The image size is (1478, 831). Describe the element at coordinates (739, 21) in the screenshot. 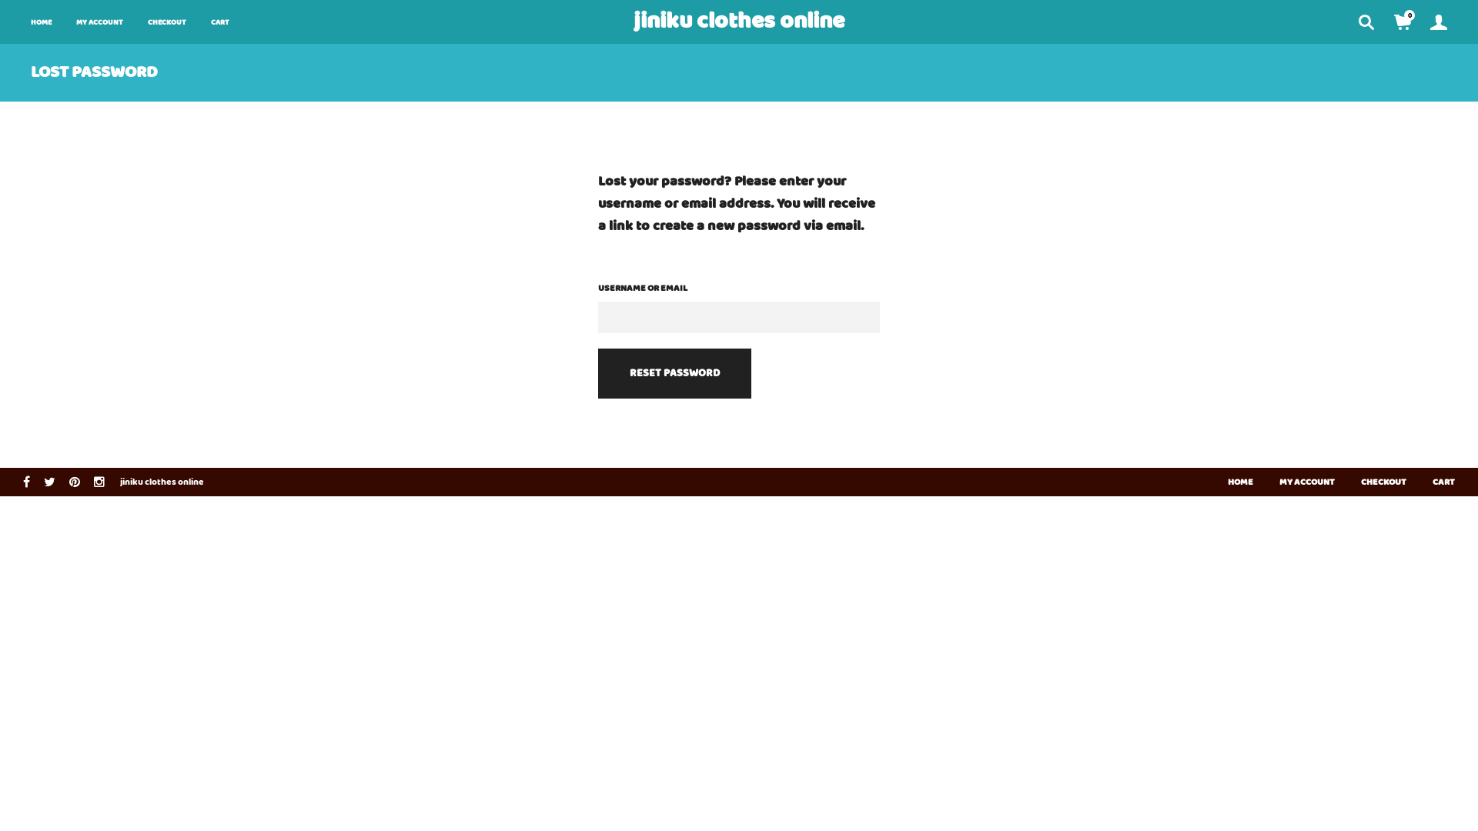

I see `'jiniku clothes online'` at that location.